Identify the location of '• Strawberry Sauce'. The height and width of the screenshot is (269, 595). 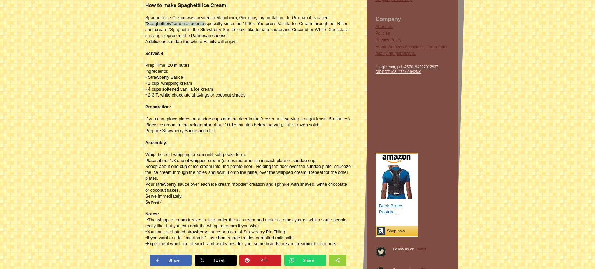
(164, 77).